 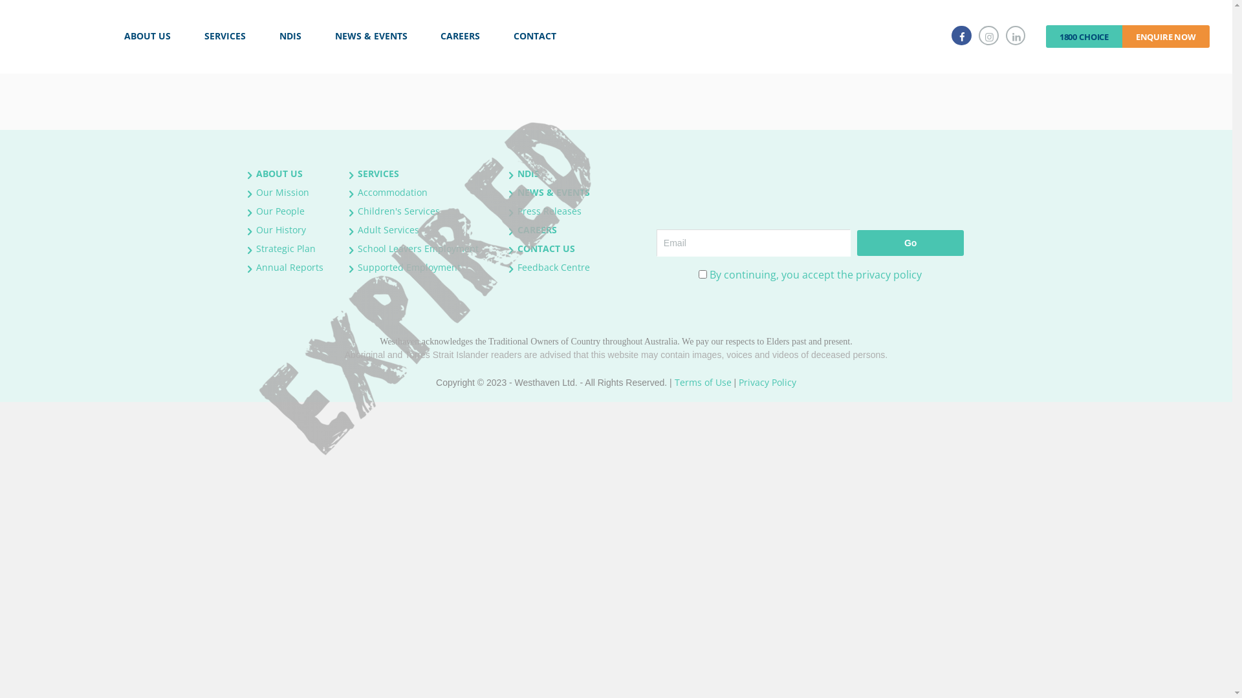 I want to click on 'SERVICES', so click(x=378, y=173).